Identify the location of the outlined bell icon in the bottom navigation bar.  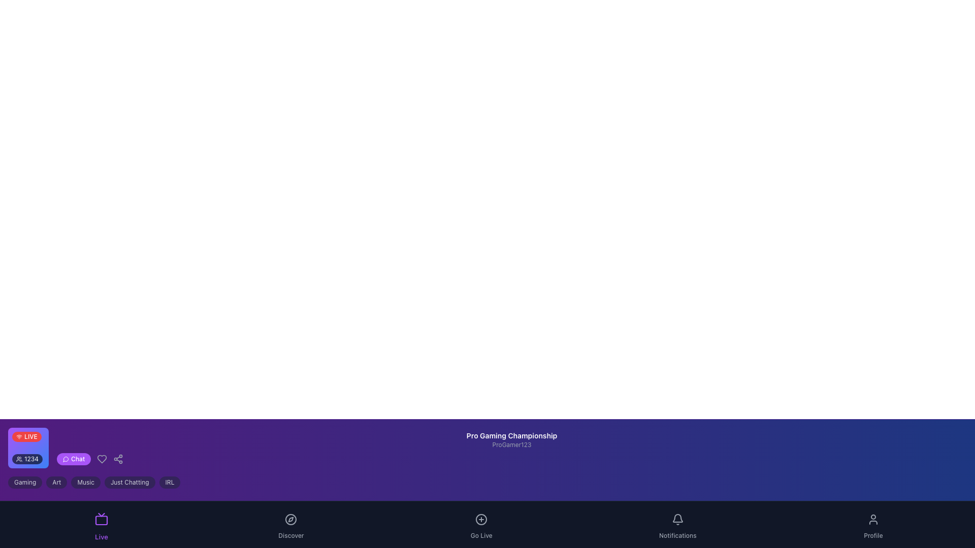
(677, 519).